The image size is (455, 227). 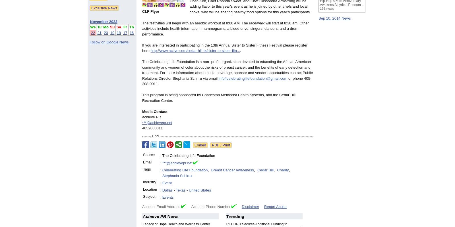 I want to click on 'cedar-hill-tx/', so click(x=187, y=50).